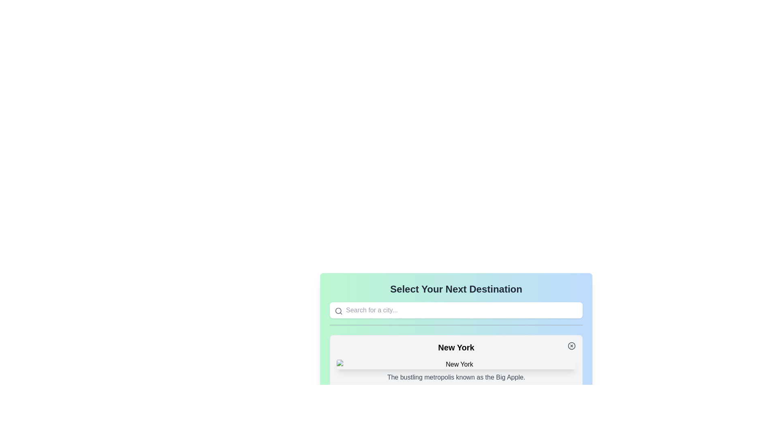 The image size is (778, 437). Describe the element at coordinates (338, 310) in the screenshot. I see `the static search icon within the input field that indicates the functionality for searching, located at the left edge of the text input field` at that location.